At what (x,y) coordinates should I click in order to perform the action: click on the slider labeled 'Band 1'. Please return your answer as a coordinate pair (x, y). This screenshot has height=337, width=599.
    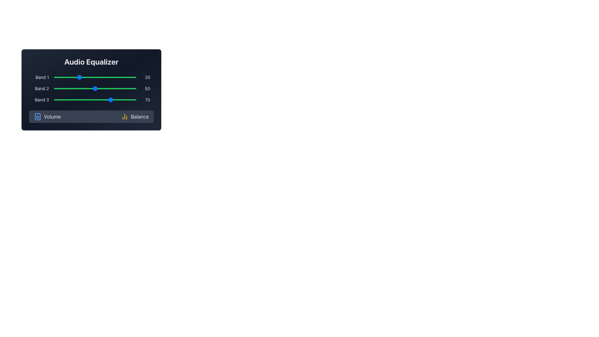
    Looking at the image, I should click on (66, 77).